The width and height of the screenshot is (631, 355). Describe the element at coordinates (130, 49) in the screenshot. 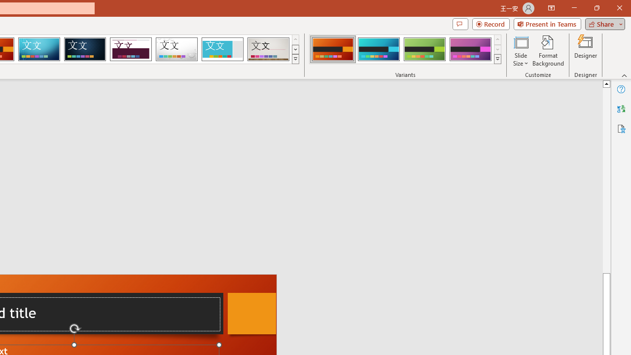

I see `'Dividend'` at that location.